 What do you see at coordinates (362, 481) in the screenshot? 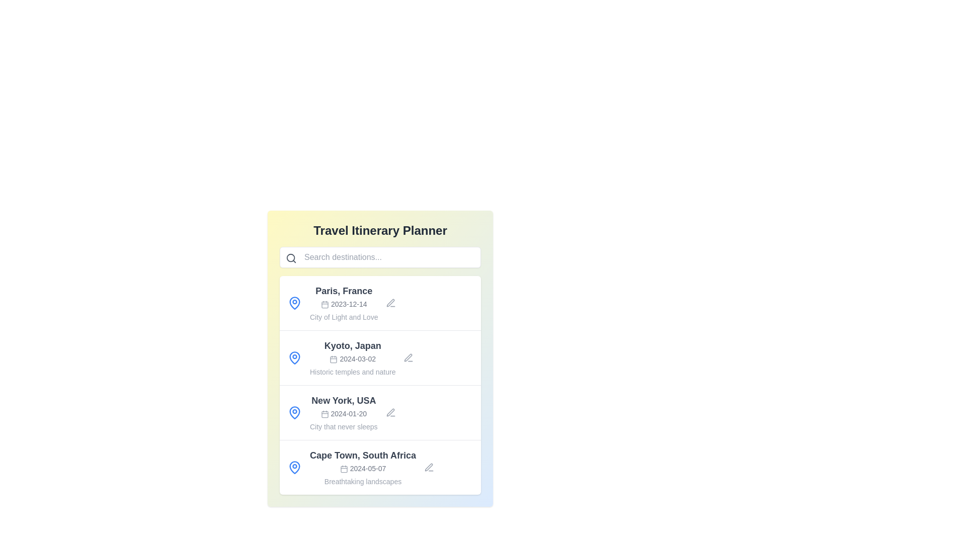
I see `the text label reading 'Breathtaking landscapes' for accessibility tools to read it, located at the bottom of the card displaying information about 'Cape Town, South Africa'` at bounding box center [362, 481].